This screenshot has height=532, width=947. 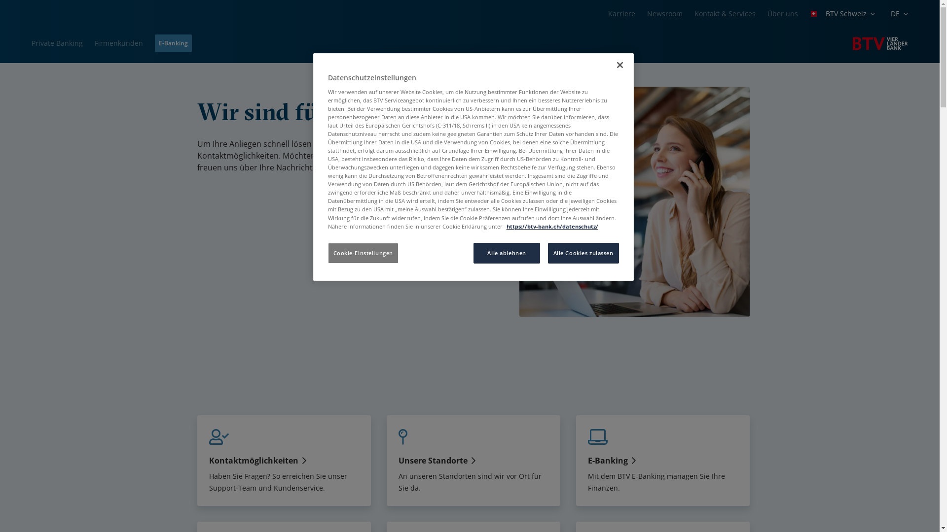 What do you see at coordinates (621, 13) in the screenshot?
I see `'Karriere'` at bounding box center [621, 13].